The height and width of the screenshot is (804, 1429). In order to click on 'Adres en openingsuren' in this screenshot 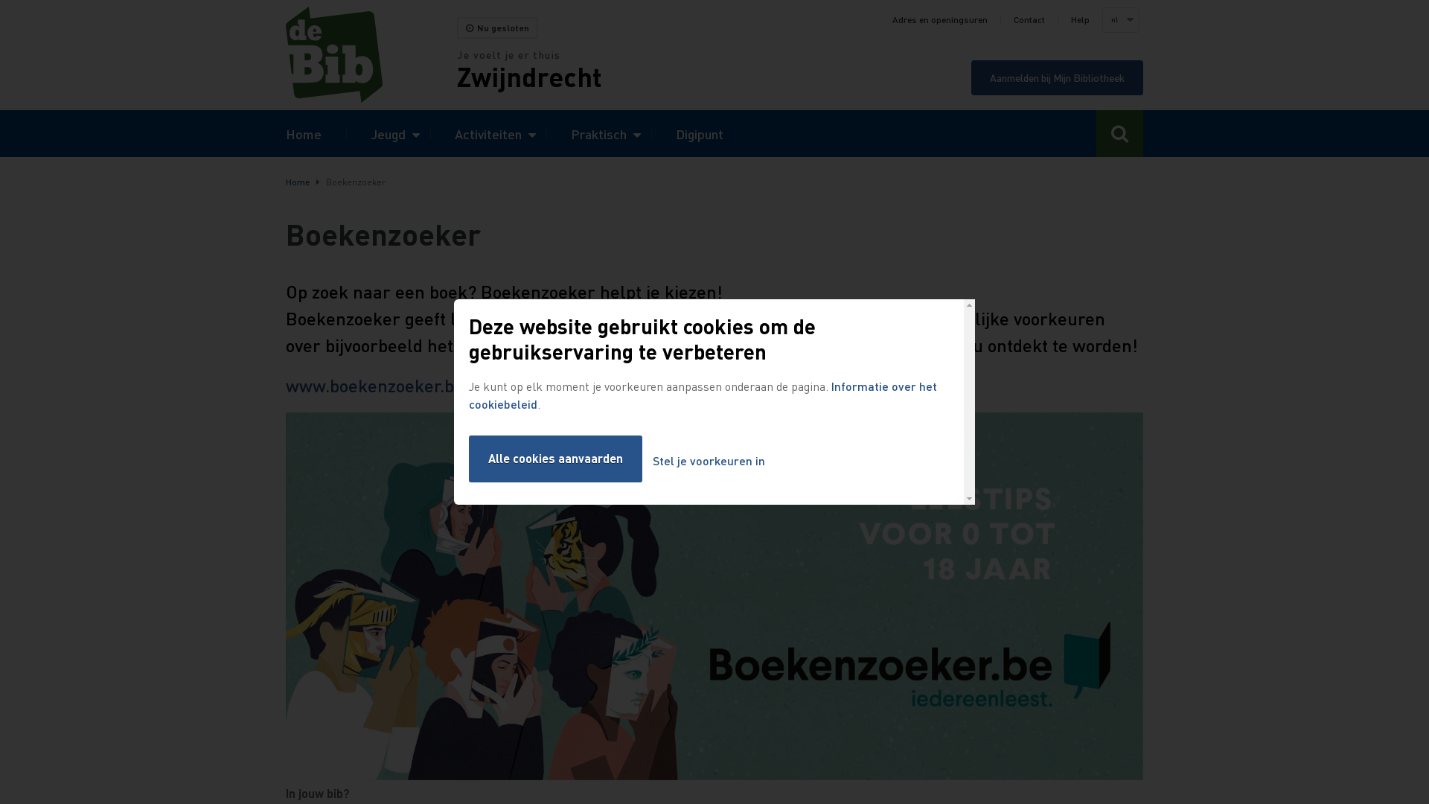, I will do `click(892, 20)`.